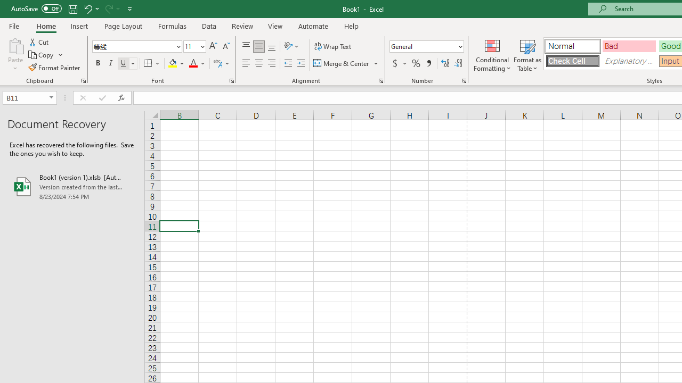 The width and height of the screenshot is (682, 383). I want to click on 'Format Cell Font', so click(231, 80).